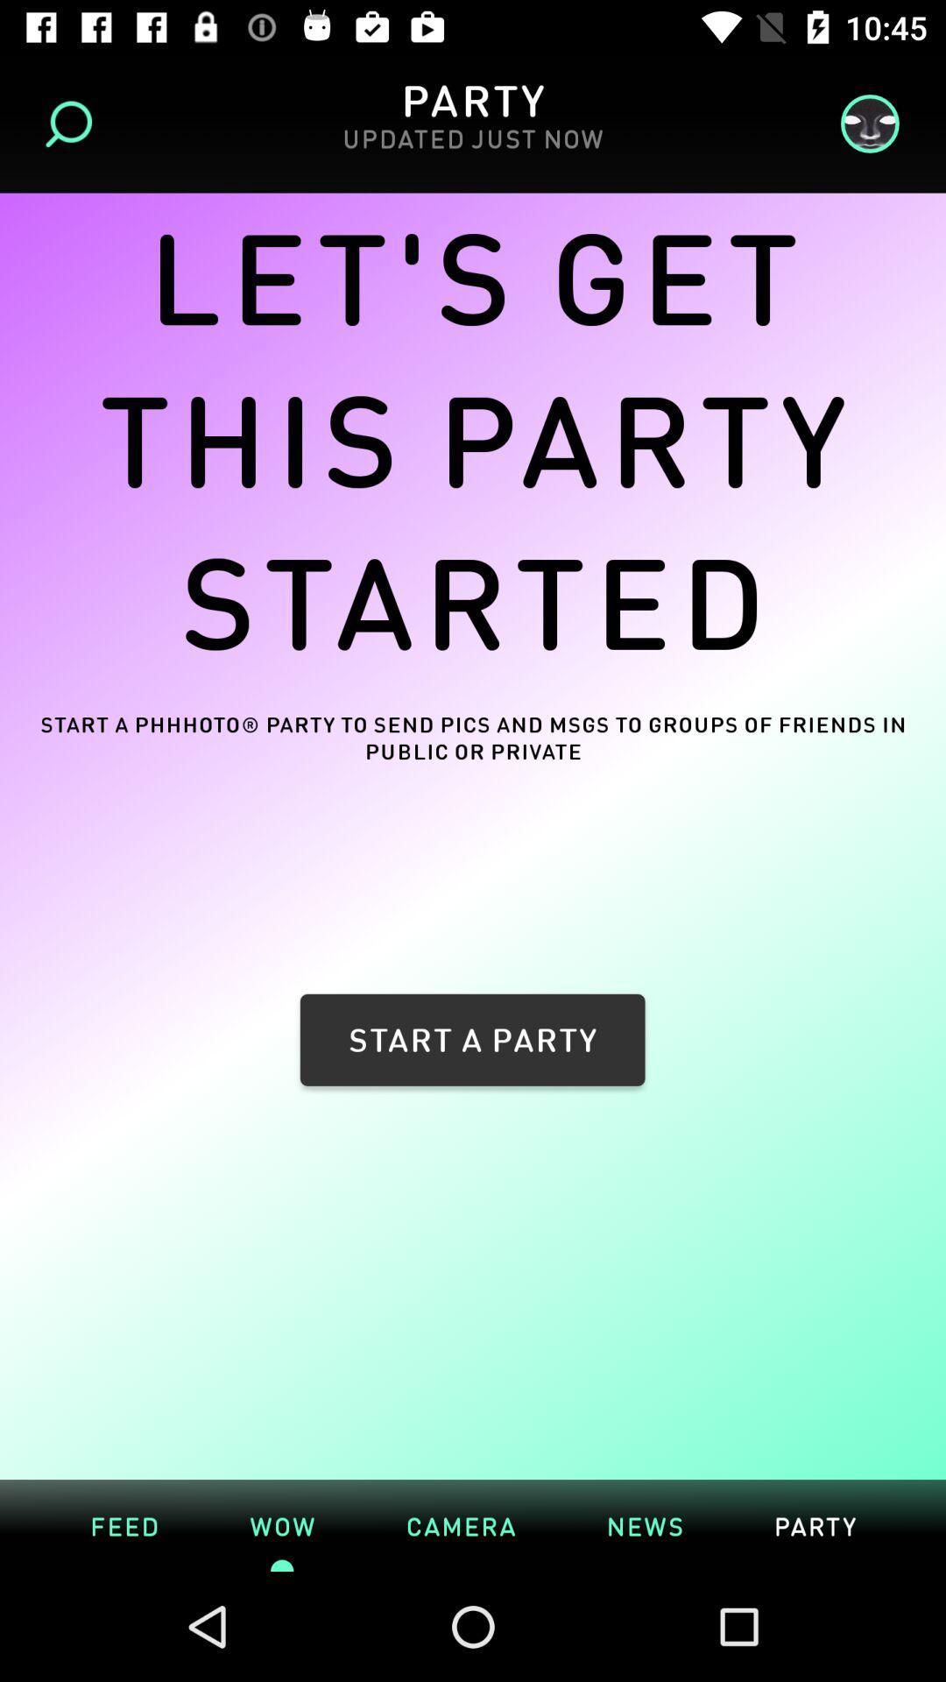 This screenshot has width=946, height=1682. Describe the element at coordinates (124, 1524) in the screenshot. I see `feed icon` at that location.